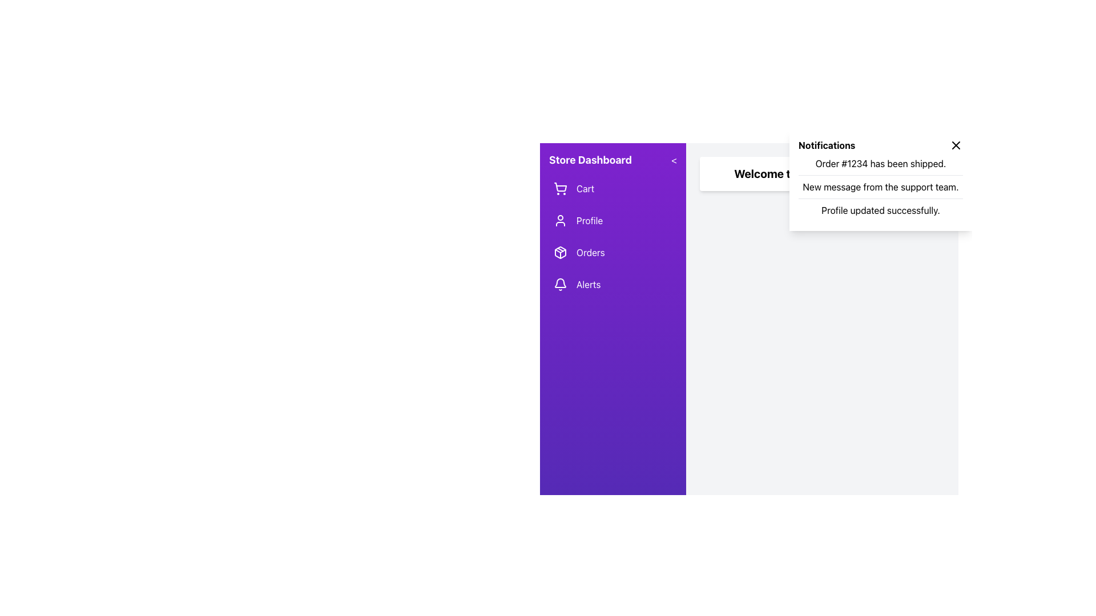  I want to click on the 'X' button in the top-right corner of the notification dropdown, so click(956, 144).